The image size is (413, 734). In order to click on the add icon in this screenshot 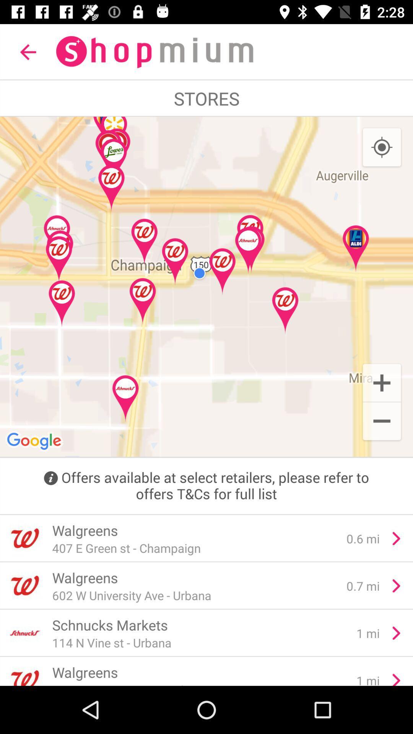, I will do `click(382, 382)`.